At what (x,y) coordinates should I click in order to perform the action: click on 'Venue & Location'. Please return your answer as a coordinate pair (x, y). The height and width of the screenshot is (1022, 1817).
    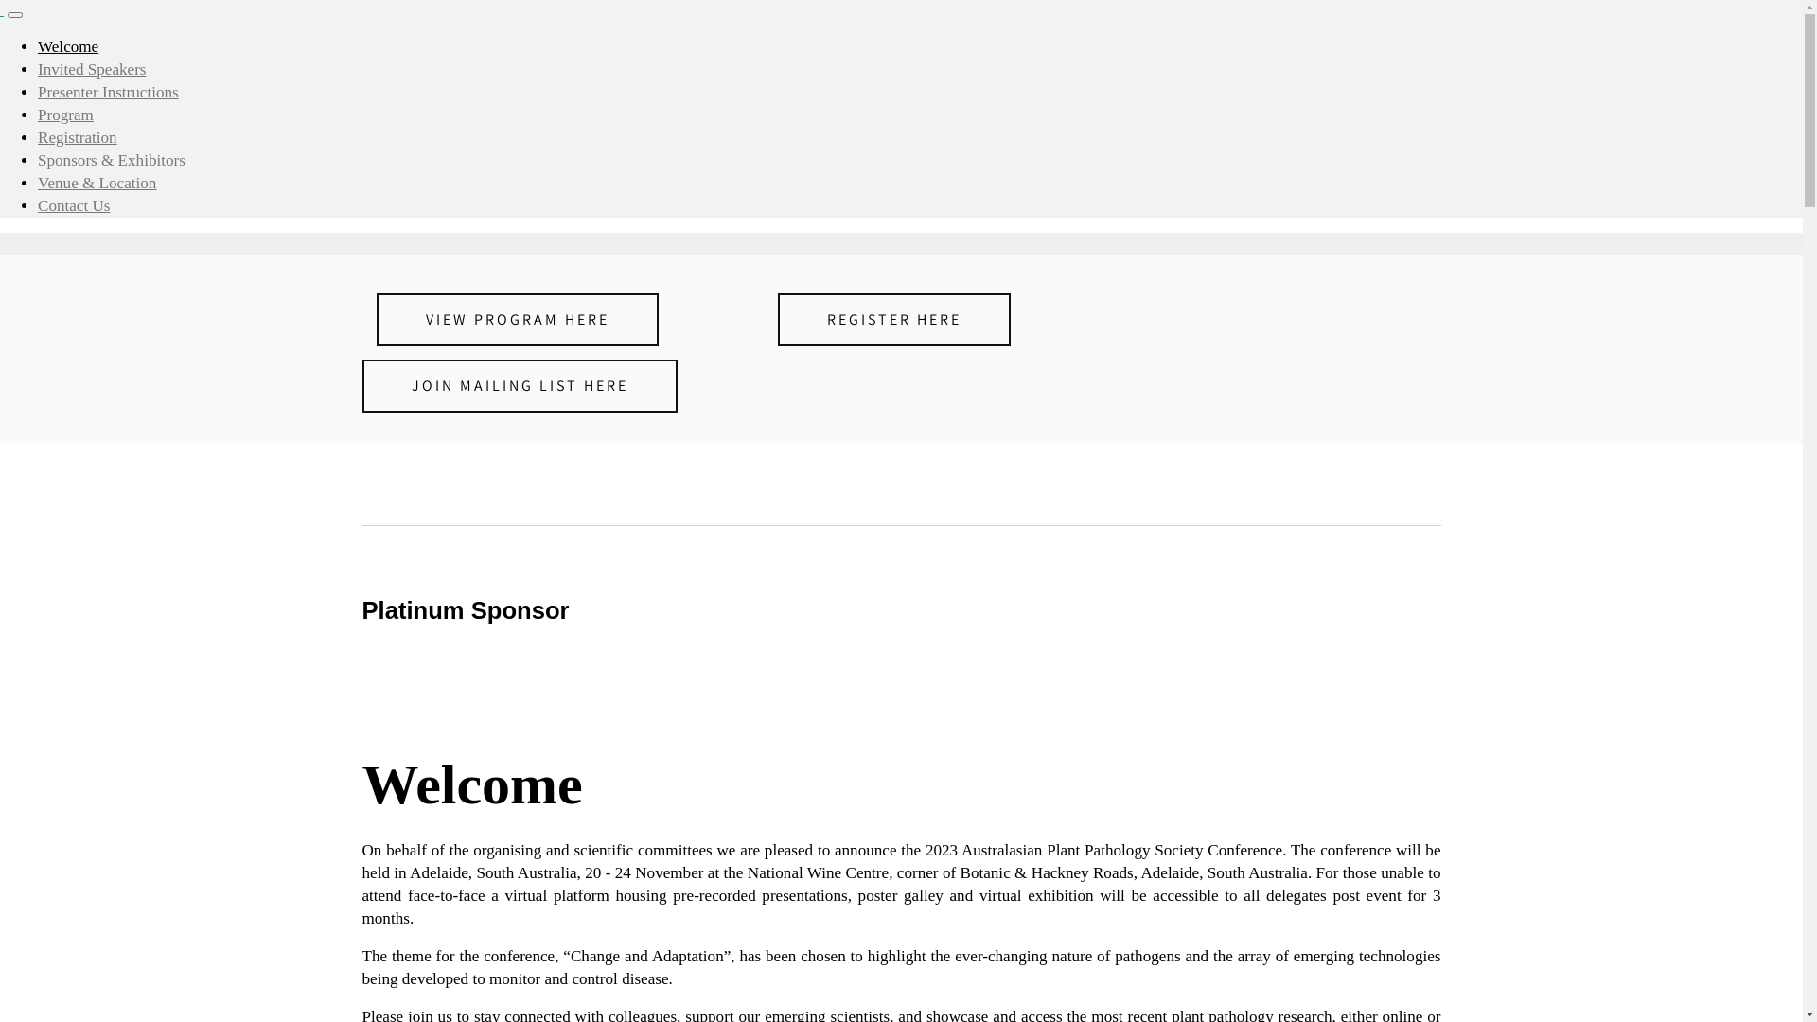
    Looking at the image, I should click on (37, 183).